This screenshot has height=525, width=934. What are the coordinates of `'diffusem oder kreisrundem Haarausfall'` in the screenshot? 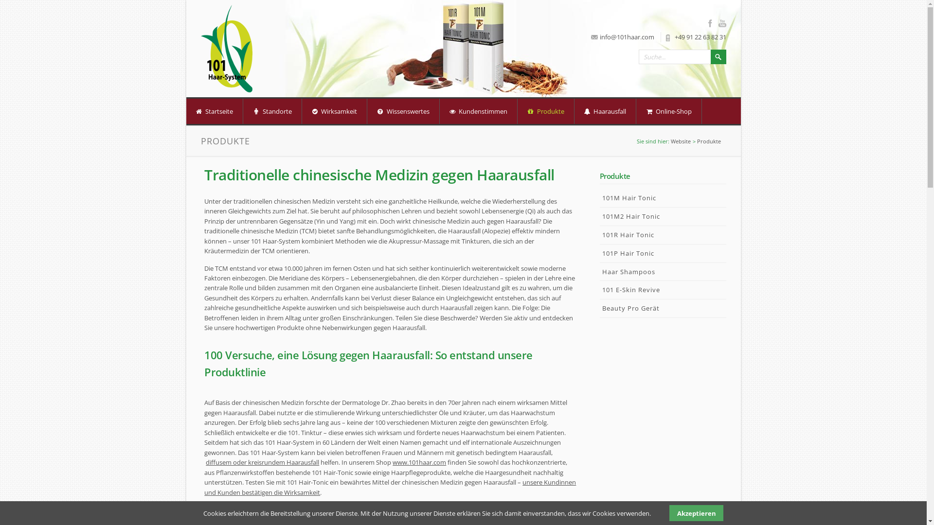 It's located at (262, 462).